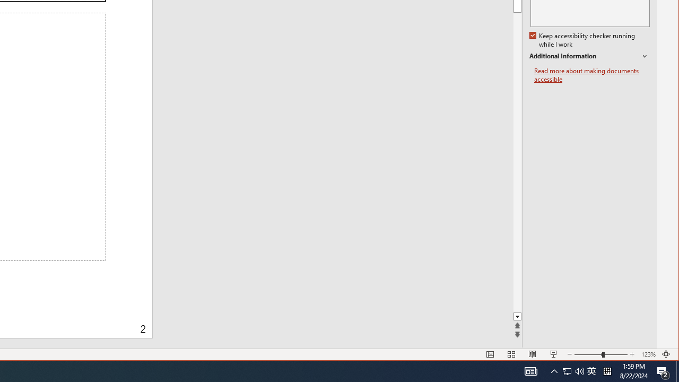  I want to click on 'Read more about making documents accessible', so click(591, 75).